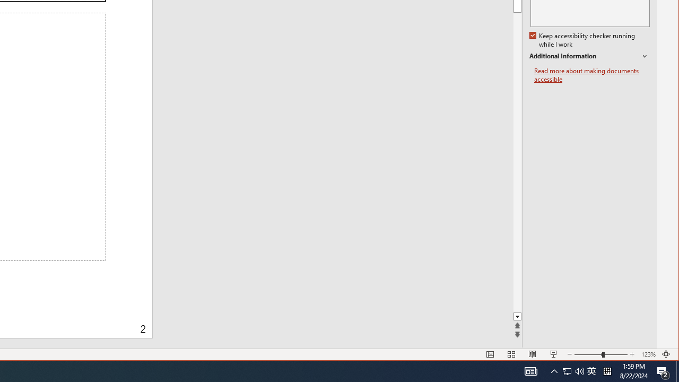  I want to click on 'Read more about making documents accessible', so click(591, 75).